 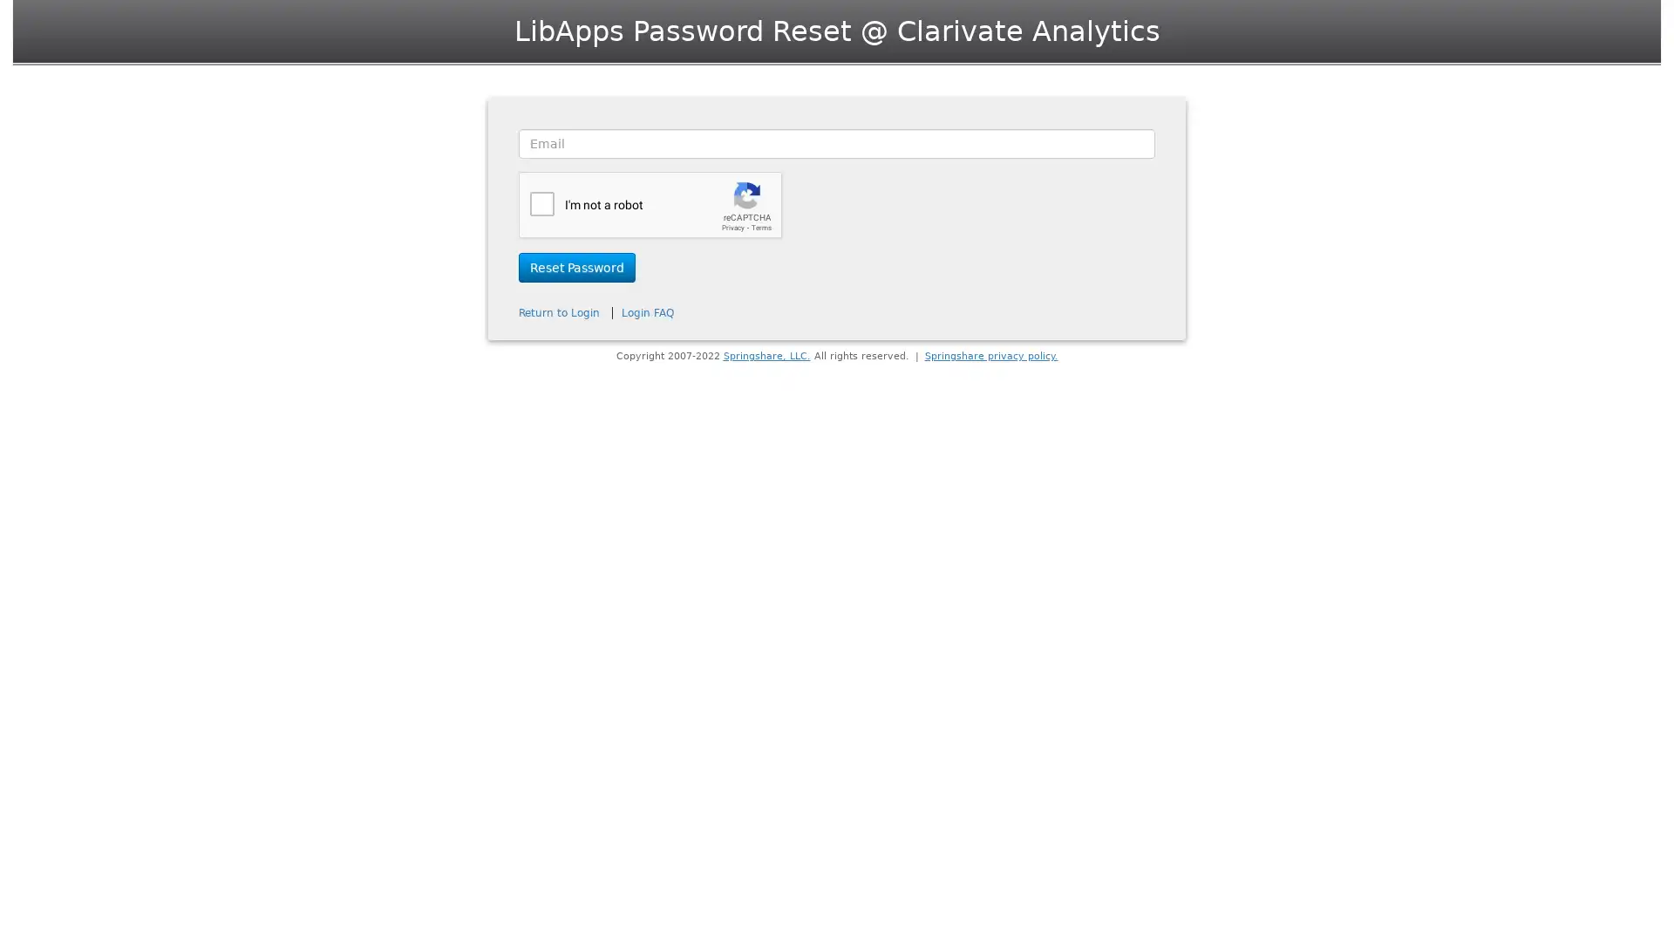 I want to click on Reset Password, so click(x=577, y=268).